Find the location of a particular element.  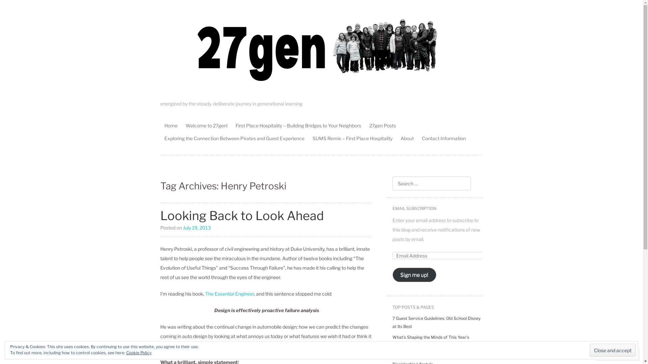

'Contact Information' is located at coordinates (444, 138).